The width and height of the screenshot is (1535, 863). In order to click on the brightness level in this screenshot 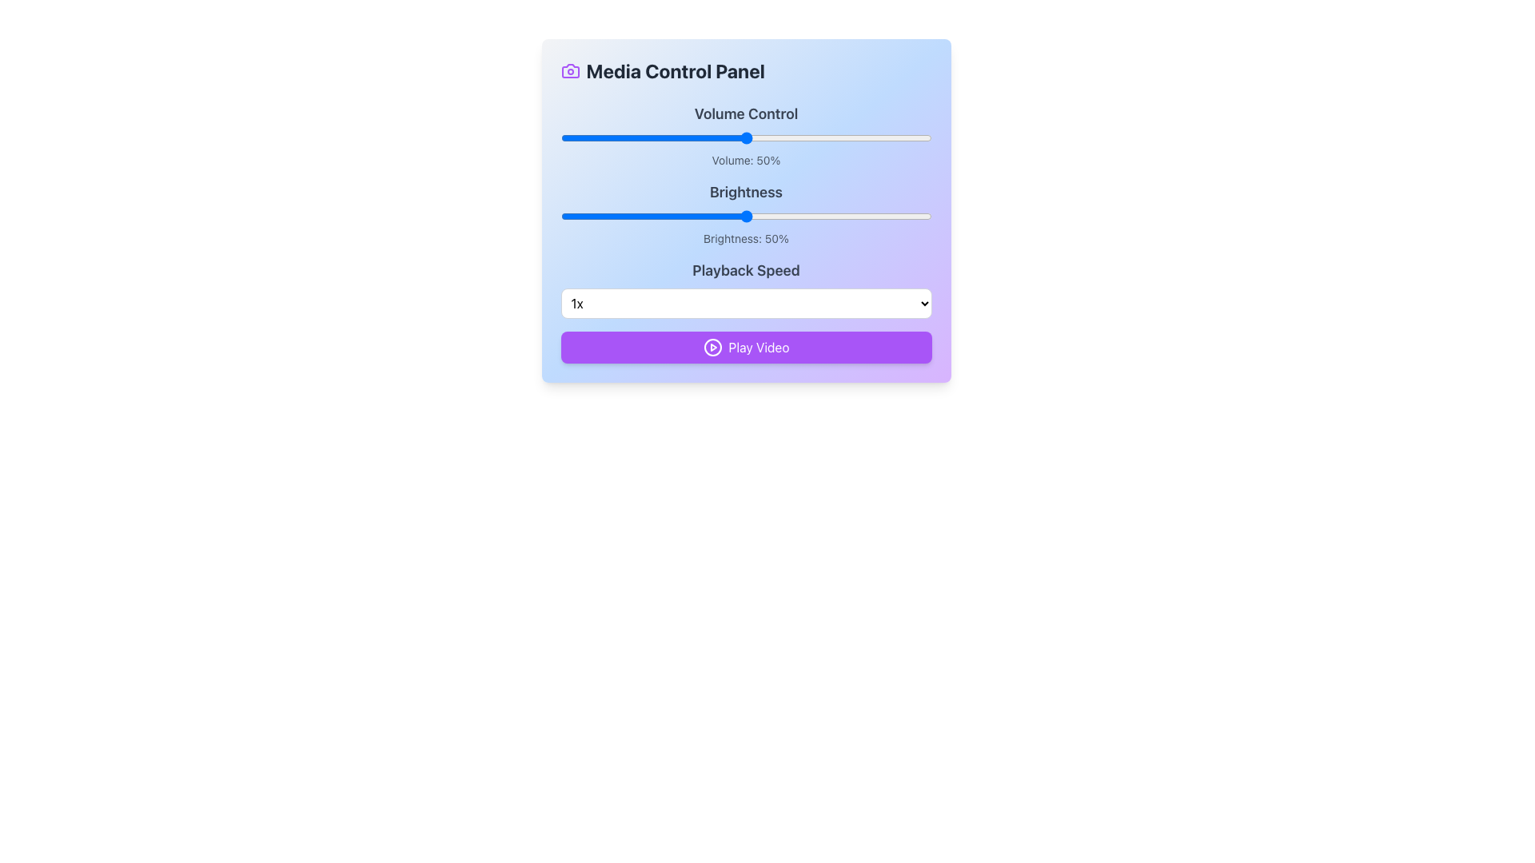, I will do `click(623, 216)`.